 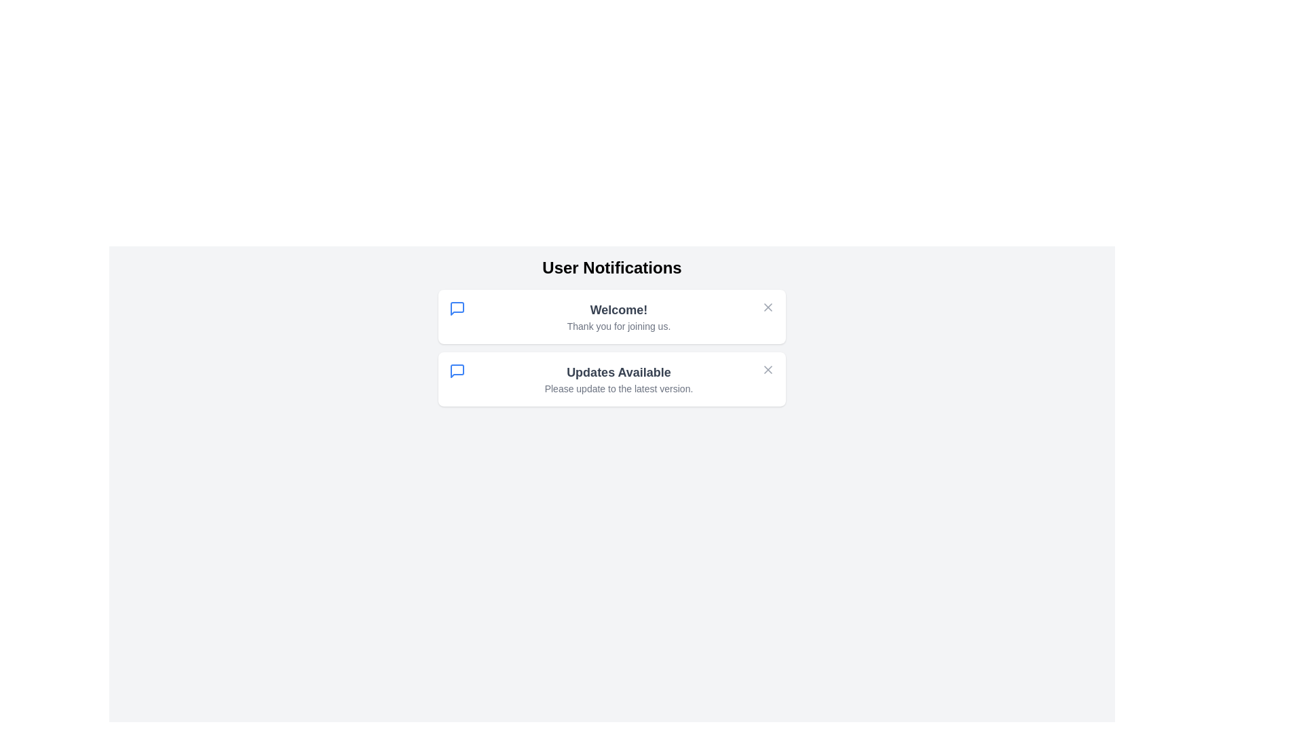 What do you see at coordinates (618, 316) in the screenshot?
I see `the welcome message text display located in the notifications section, which is centrally aligned below the 'User Notifications' heading` at bounding box center [618, 316].